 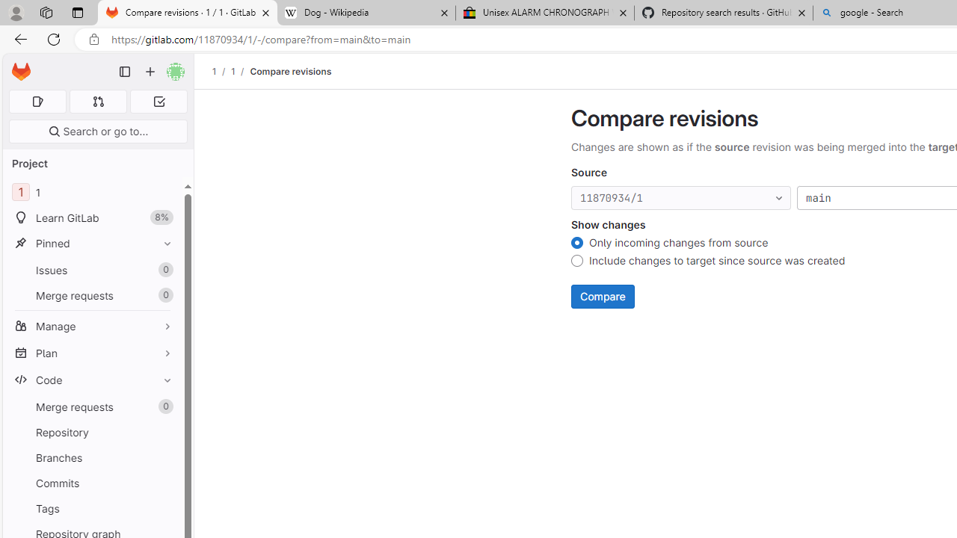 What do you see at coordinates (92, 353) in the screenshot?
I see `'Plan'` at bounding box center [92, 353].